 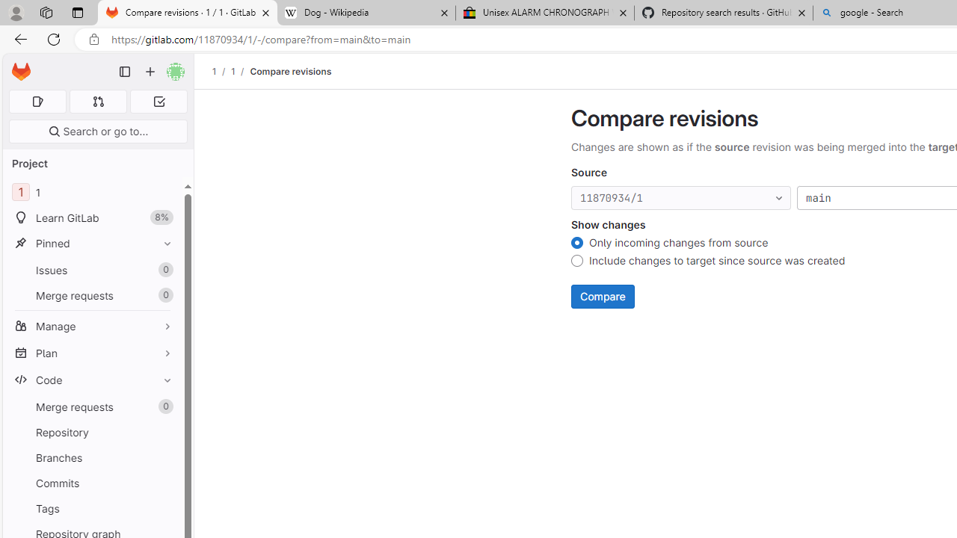 What do you see at coordinates (92, 353) in the screenshot?
I see `'Plan'` at bounding box center [92, 353].